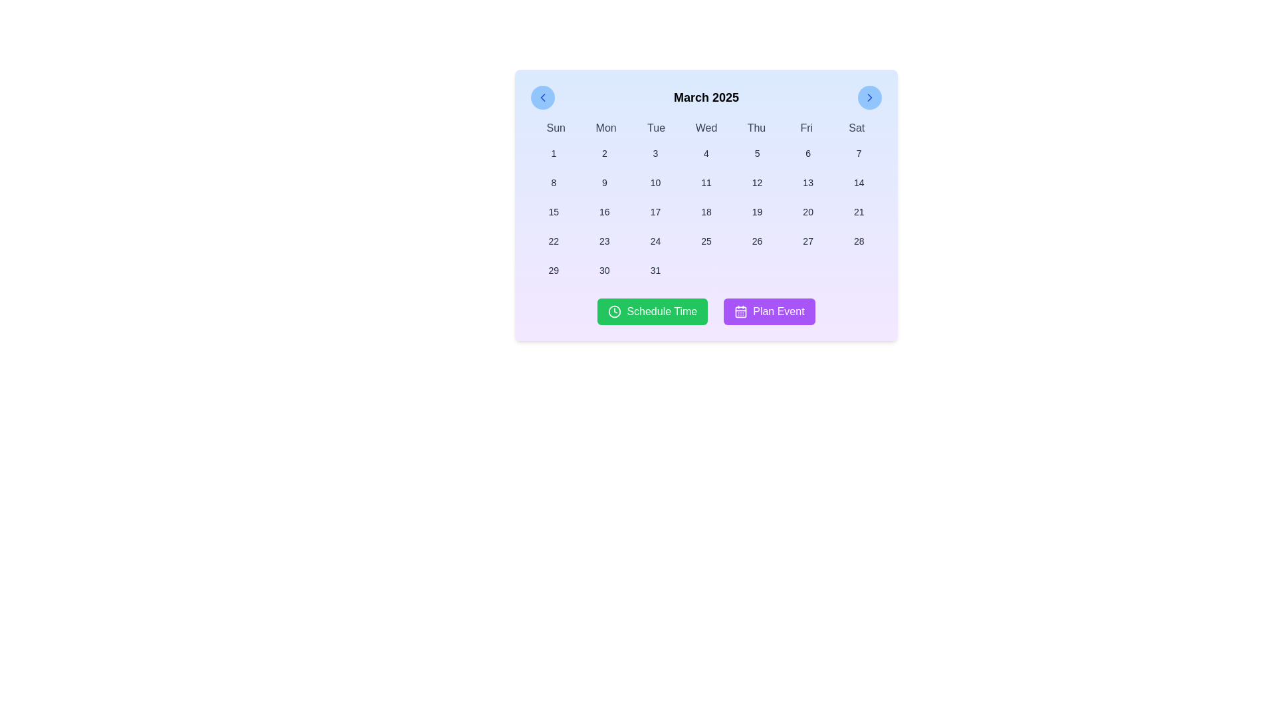  I want to click on the small rectangular button displaying the text '29', so click(554, 270).